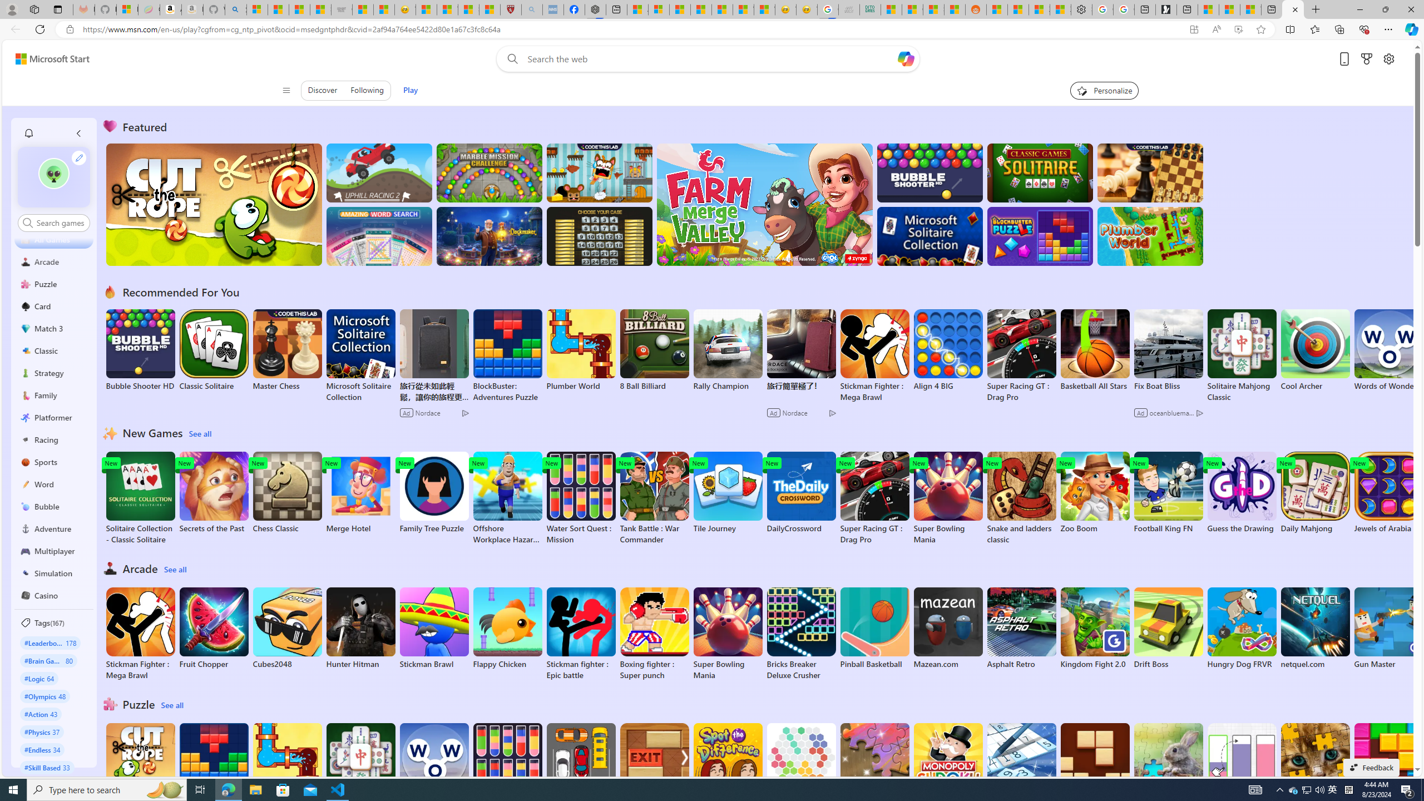  What do you see at coordinates (489, 9) in the screenshot?
I see `'12 Popular Science Lies that Must be Corrected'` at bounding box center [489, 9].